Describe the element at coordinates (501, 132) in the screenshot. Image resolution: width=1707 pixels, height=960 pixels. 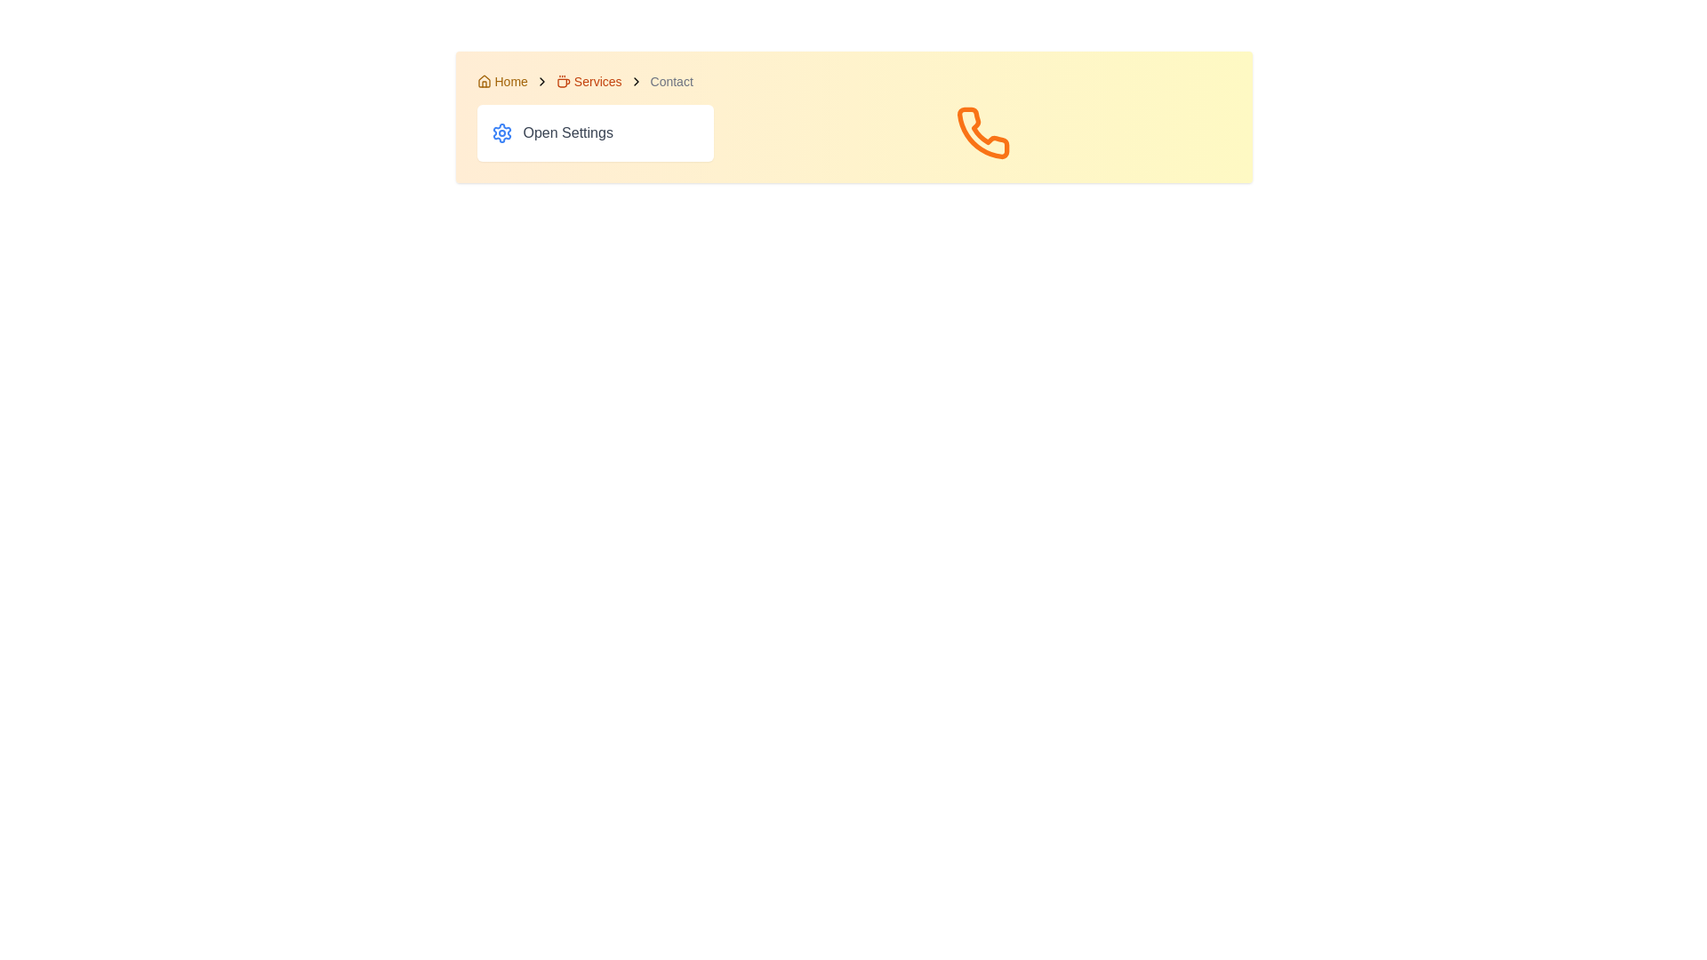
I see `the cogwheel-shaped icon with a blue outline, which is located adjacent to the 'Open Settings' text in the upper central section of the interface` at that location.